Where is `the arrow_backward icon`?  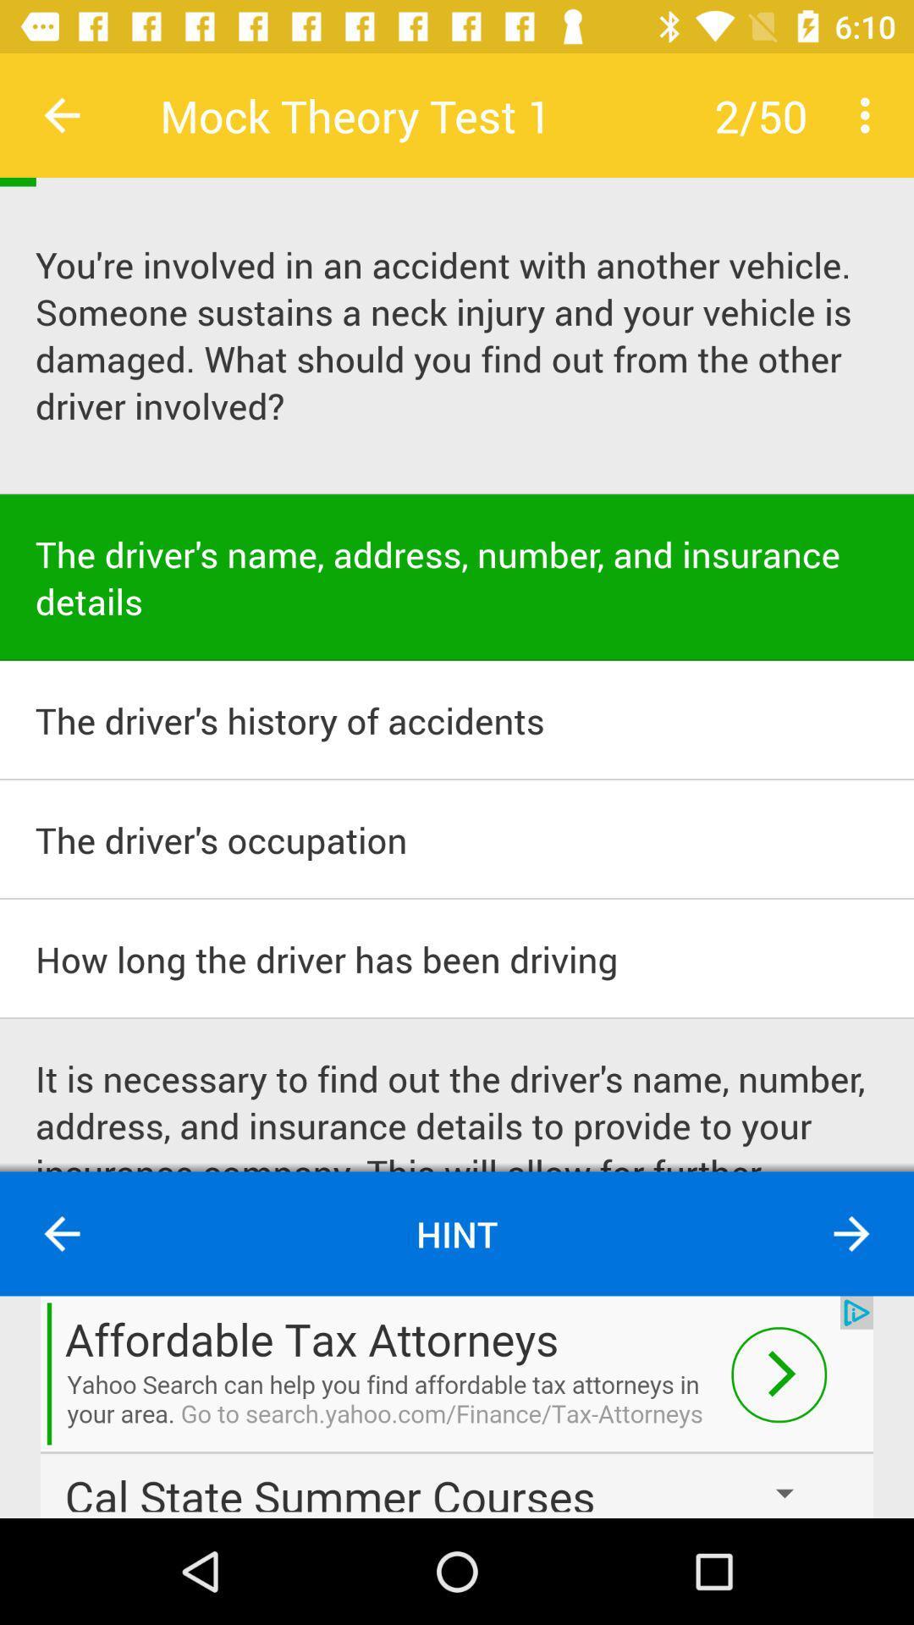 the arrow_backward icon is located at coordinates (61, 1234).